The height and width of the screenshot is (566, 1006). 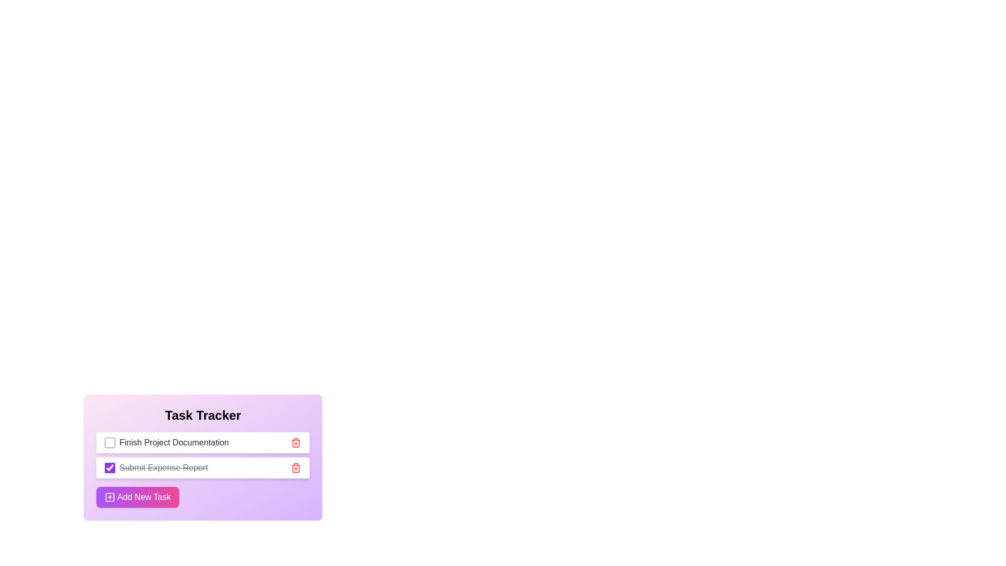 I want to click on the completed task, so click(x=163, y=467).